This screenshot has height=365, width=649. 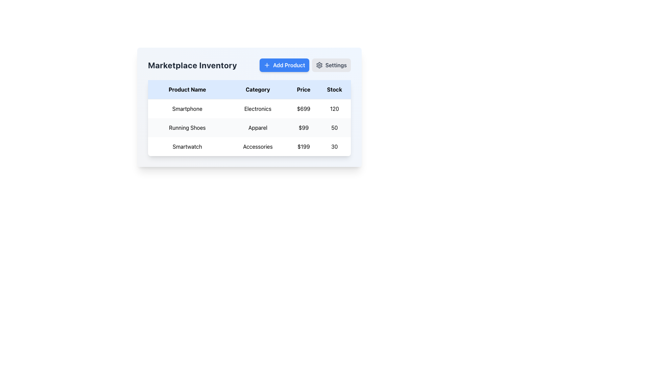 What do you see at coordinates (305, 65) in the screenshot?
I see `the 'Add Product' button located in the top right of the 'Marketplace Inventory' panel` at bounding box center [305, 65].